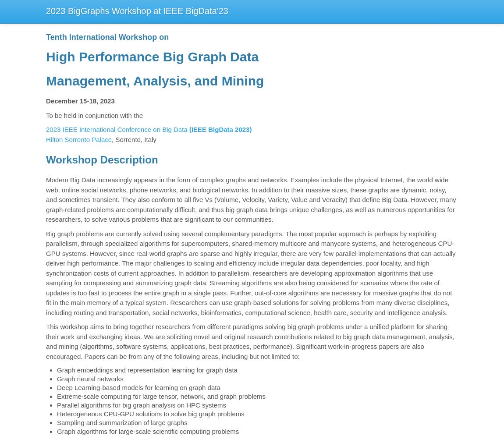  Describe the element at coordinates (106, 37) in the screenshot. I see `'Tenth International Workshop on'` at that location.